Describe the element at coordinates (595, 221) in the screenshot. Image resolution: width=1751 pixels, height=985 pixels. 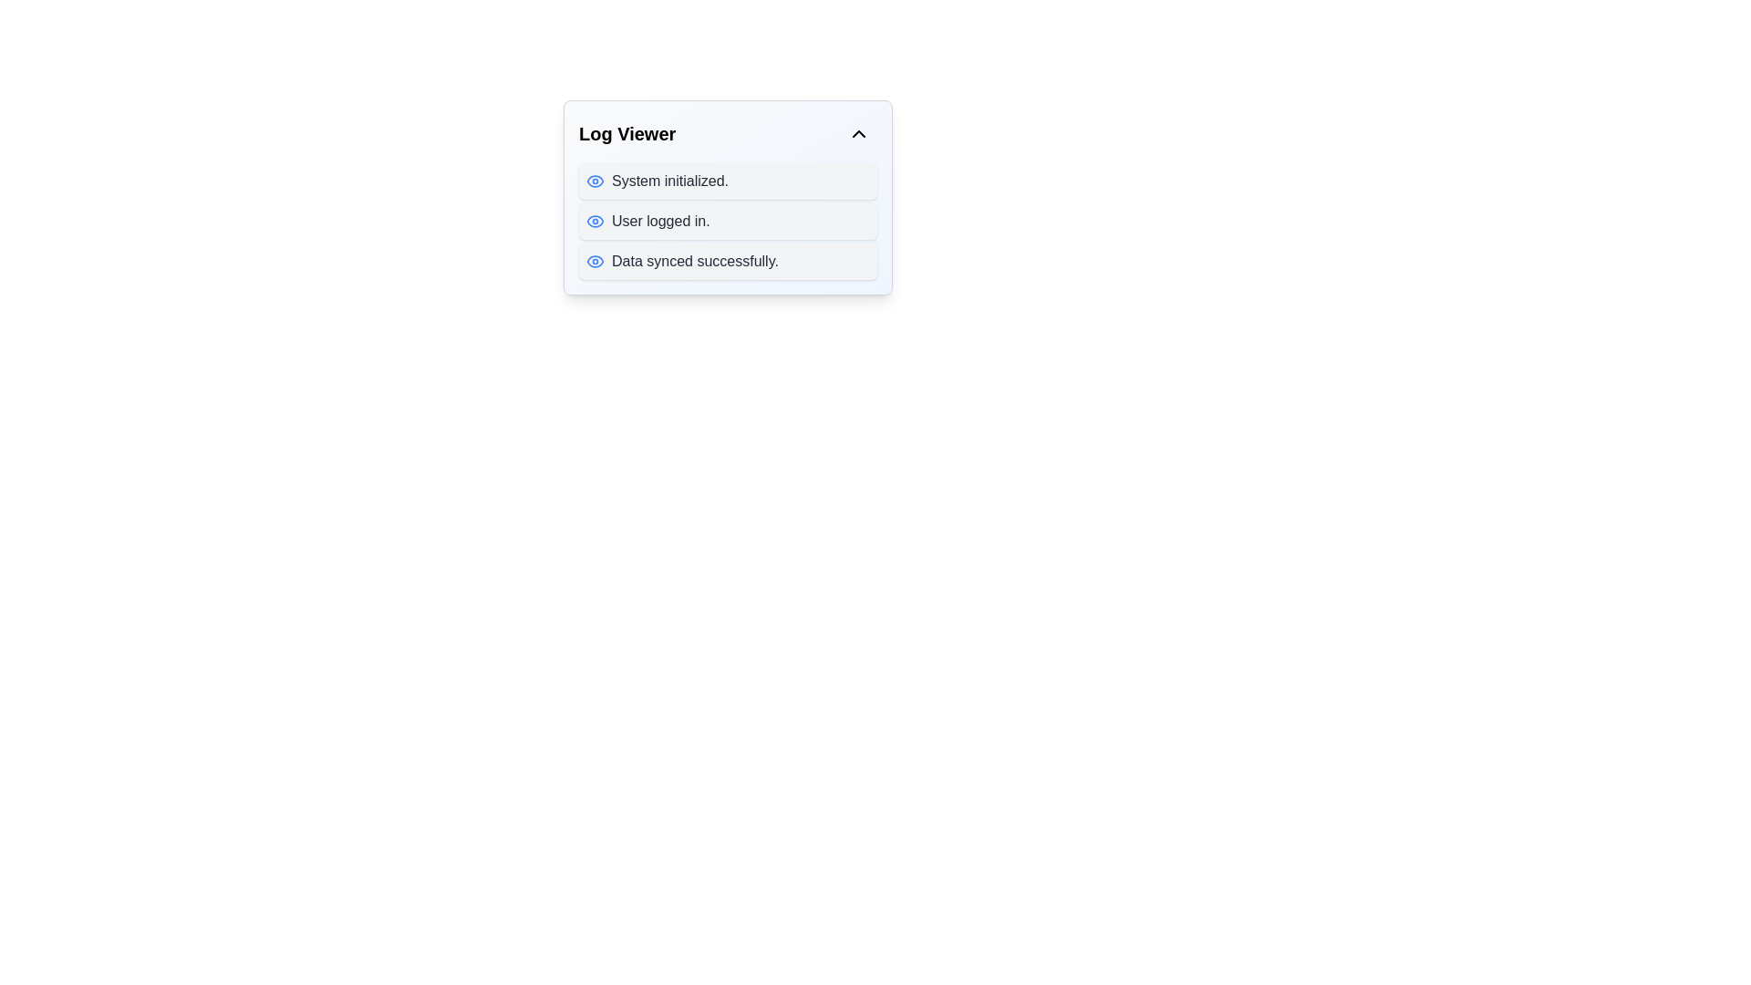
I see `the visibility icon located to the left of the text 'User logged in.' in the second log entry of the log viewer to interact or reveal additional information` at that location.